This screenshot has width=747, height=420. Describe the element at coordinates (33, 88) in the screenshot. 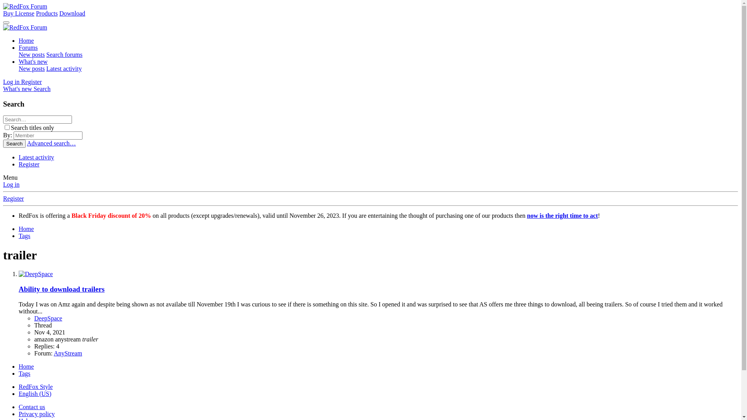

I see `'Search'` at that location.